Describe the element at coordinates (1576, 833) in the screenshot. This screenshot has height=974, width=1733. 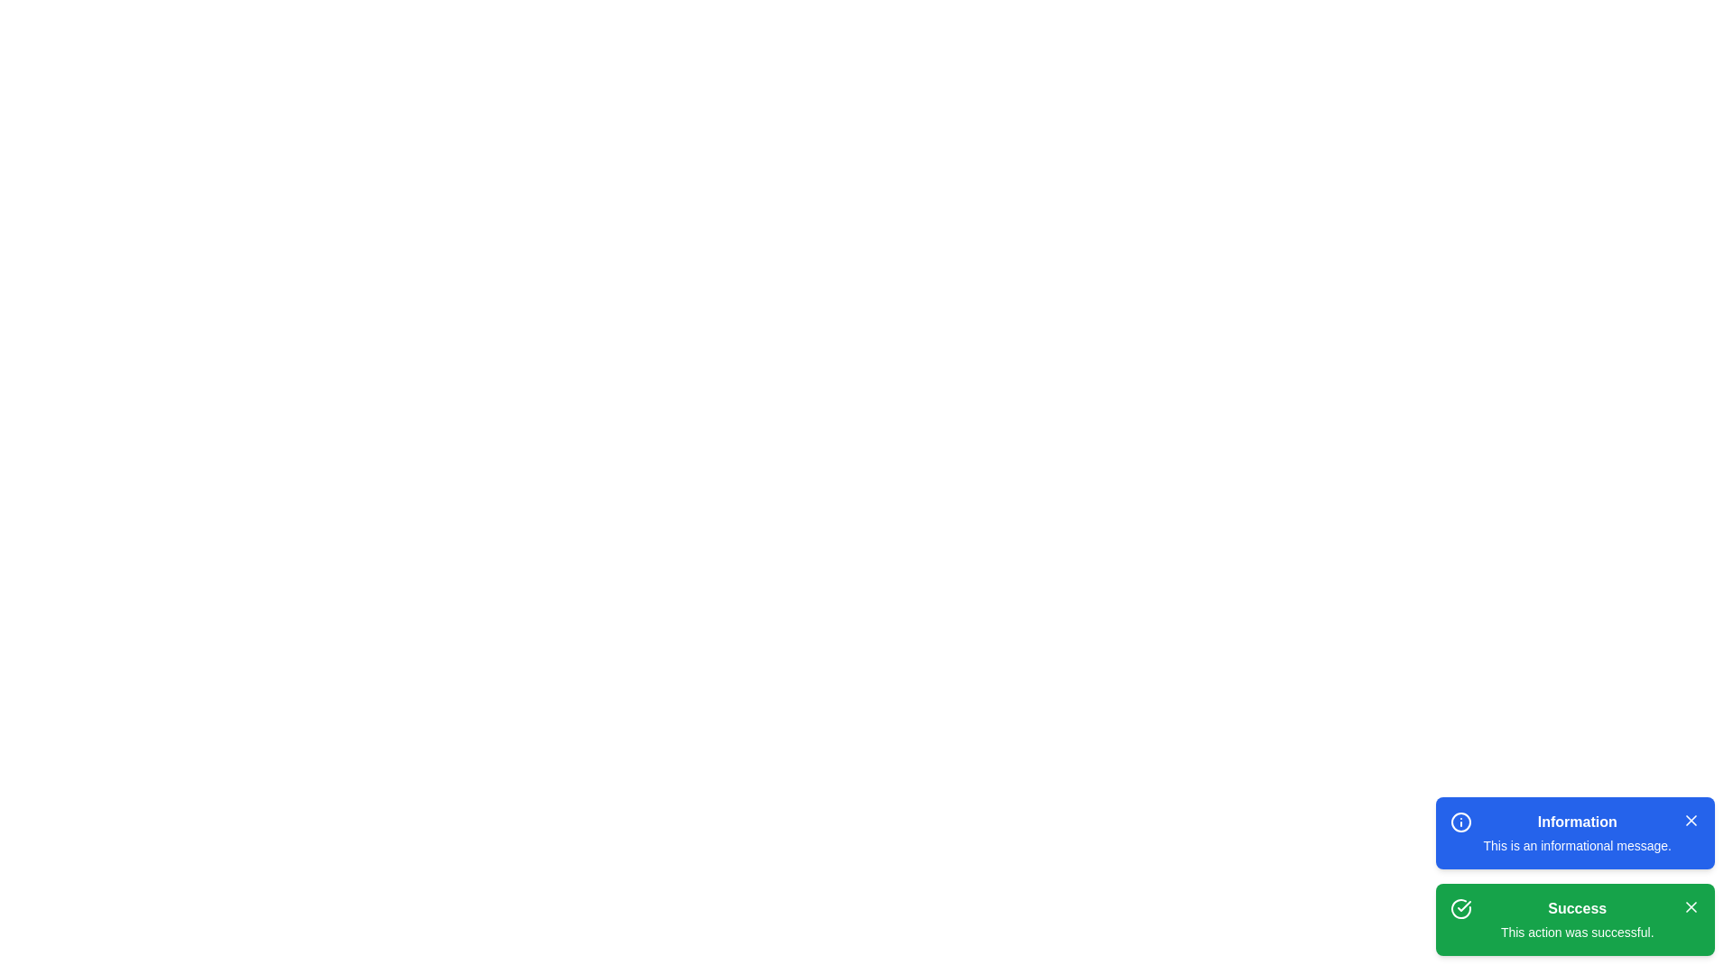
I see `message displayed in the Notification box which contains the bold 'Information' and the smaller 'This is an informational message.'` at that location.